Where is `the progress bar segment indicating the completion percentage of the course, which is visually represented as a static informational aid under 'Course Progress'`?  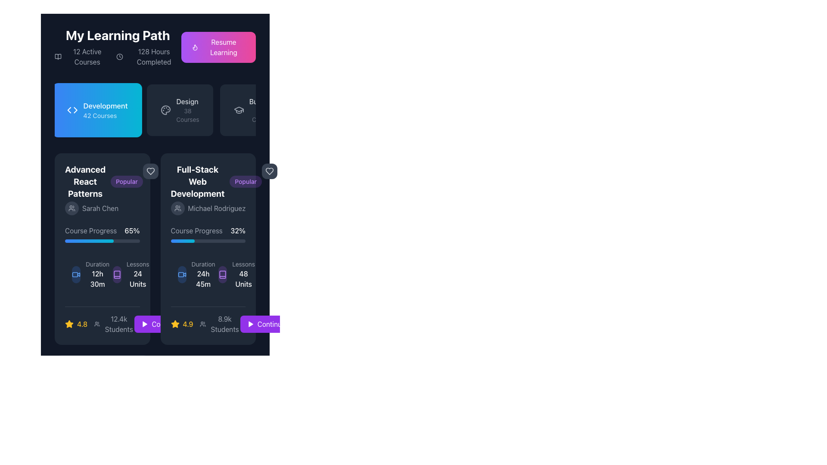
the progress bar segment indicating the completion percentage of the course, which is visually represented as a static informational aid under 'Course Progress' is located at coordinates (182, 241).